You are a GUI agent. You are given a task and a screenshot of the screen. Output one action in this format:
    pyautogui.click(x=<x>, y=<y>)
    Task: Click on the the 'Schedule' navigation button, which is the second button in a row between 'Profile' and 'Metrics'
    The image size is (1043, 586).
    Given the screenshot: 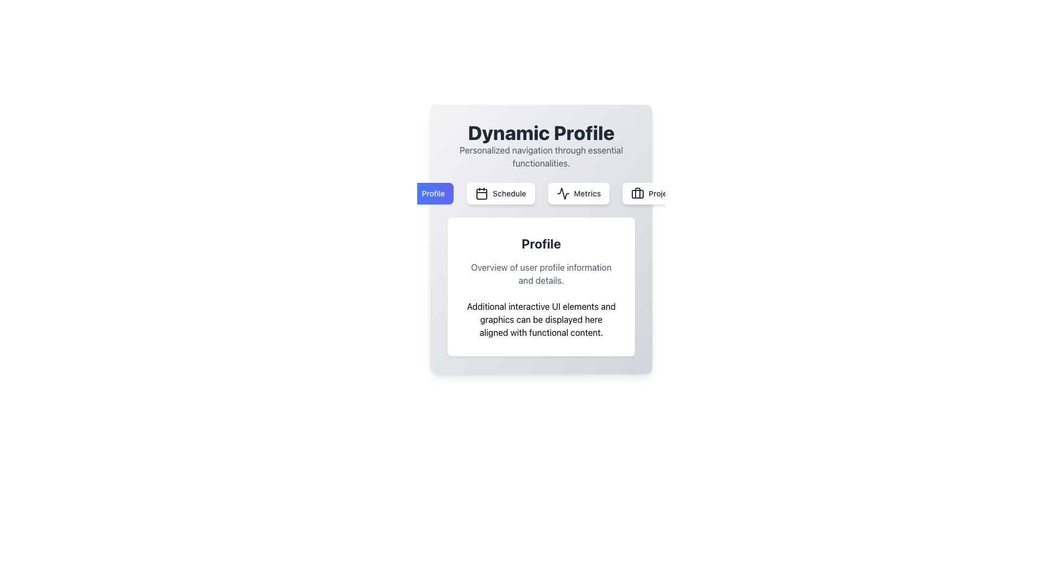 What is the action you would take?
    pyautogui.click(x=500, y=193)
    